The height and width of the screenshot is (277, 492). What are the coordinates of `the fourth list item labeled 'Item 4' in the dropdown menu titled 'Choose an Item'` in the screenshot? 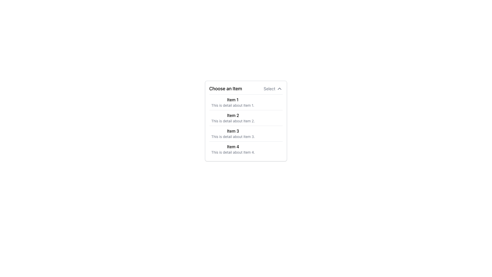 It's located at (245, 149).